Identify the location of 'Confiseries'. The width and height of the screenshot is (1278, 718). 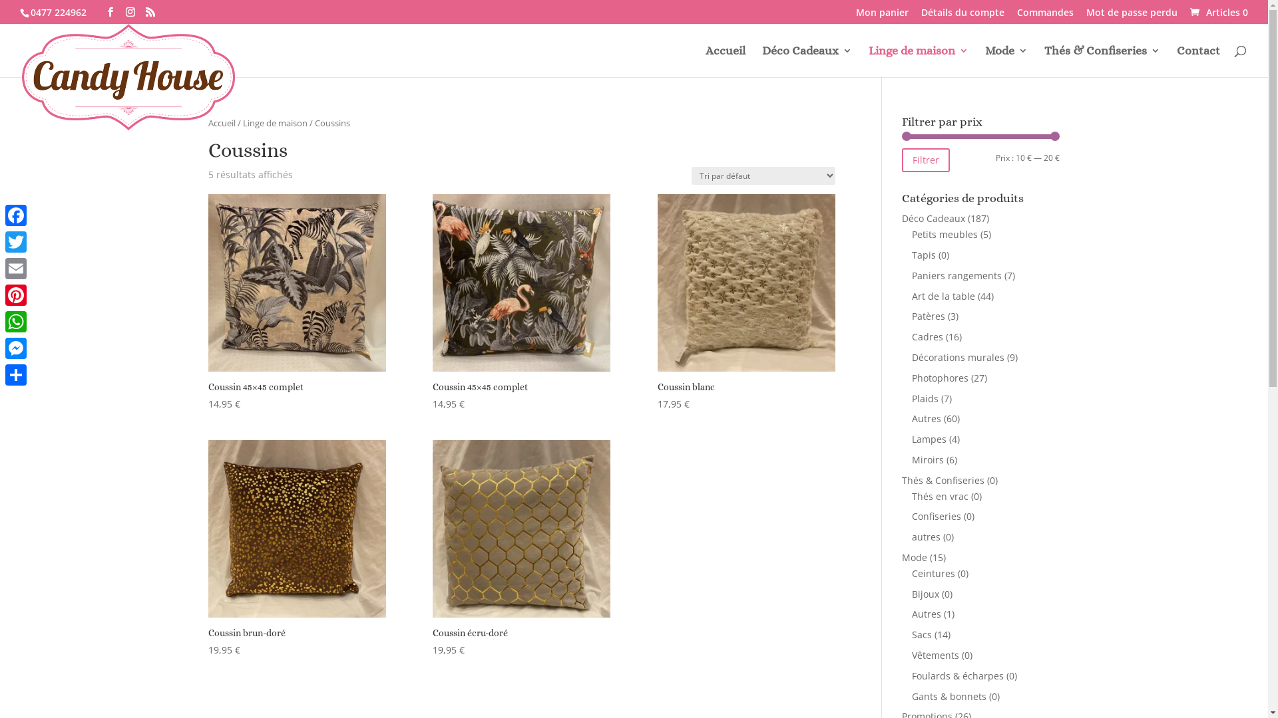
(935, 515).